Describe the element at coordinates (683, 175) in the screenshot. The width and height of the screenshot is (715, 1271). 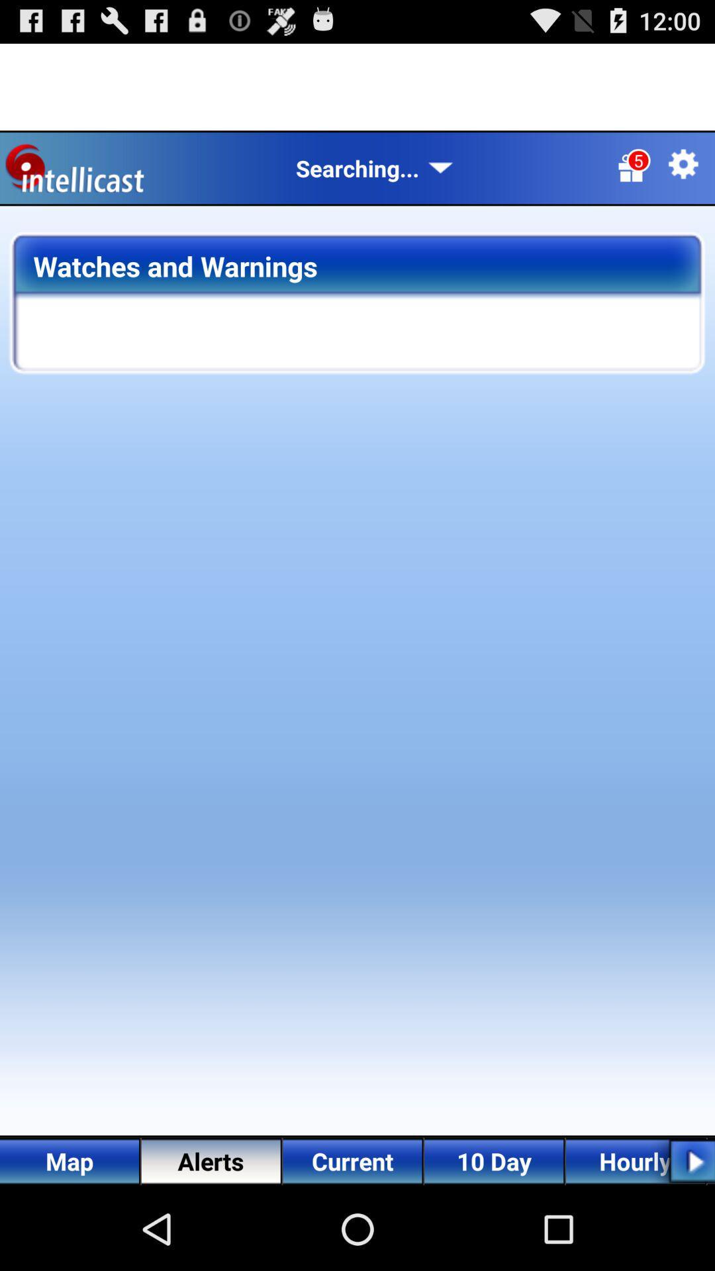
I see `the settings icon` at that location.